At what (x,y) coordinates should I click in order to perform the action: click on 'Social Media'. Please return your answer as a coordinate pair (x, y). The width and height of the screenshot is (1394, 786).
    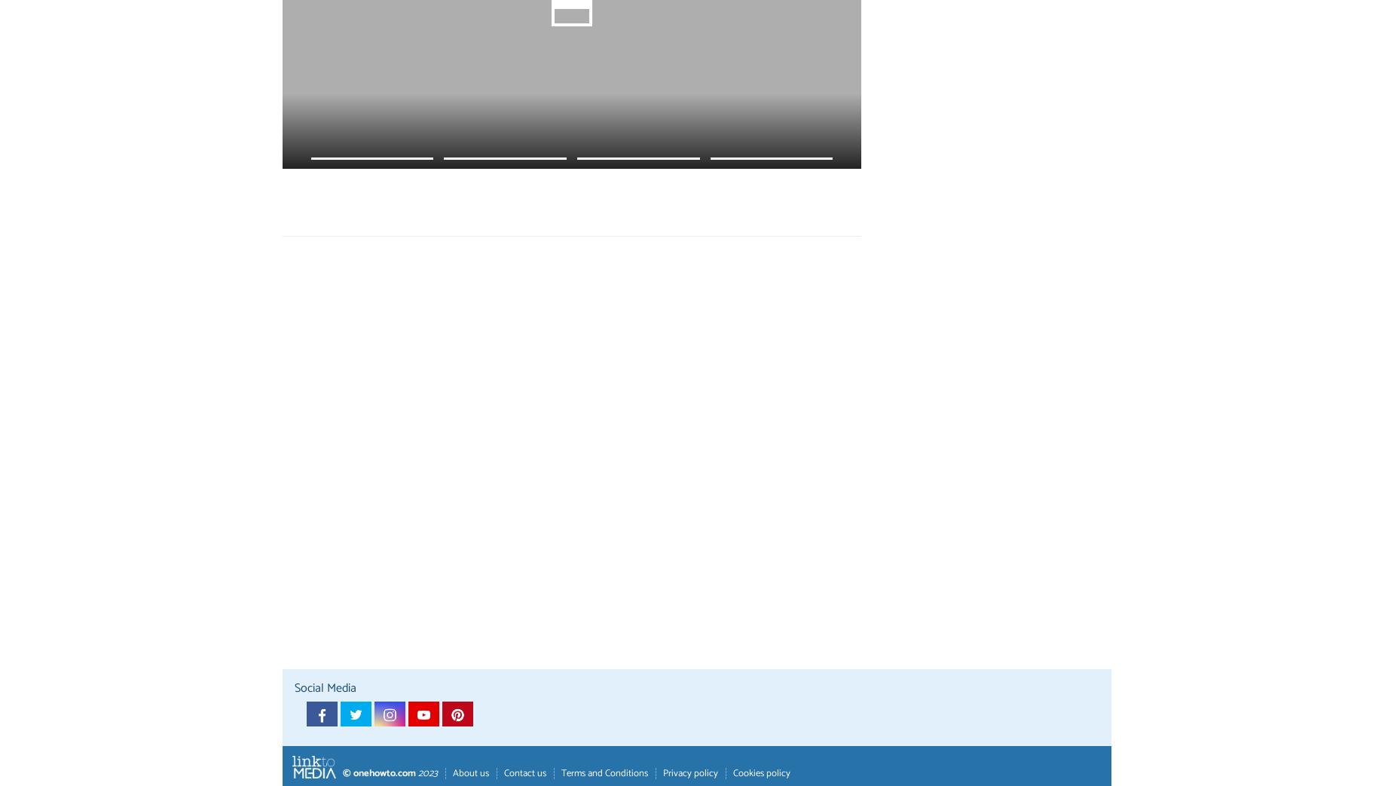
    Looking at the image, I should click on (324, 687).